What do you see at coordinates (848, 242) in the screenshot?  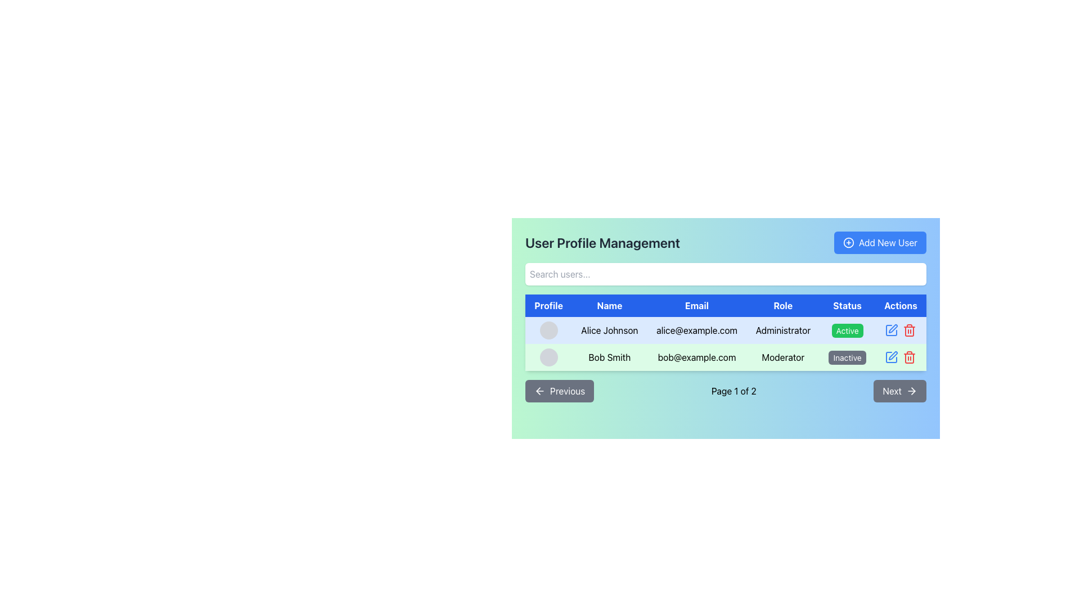 I see `the decorative icon located to the left of the 'Add New User' button in the top-right position of the interface` at bounding box center [848, 242].